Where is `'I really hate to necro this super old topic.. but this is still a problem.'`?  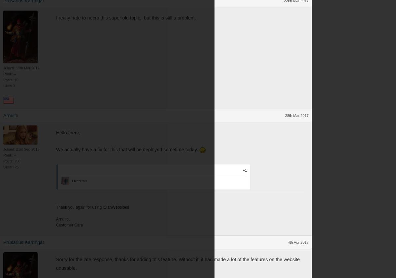 'I really hate to necro this super old topic.. but this is still a problem.' is located at coordinates (126, 17).